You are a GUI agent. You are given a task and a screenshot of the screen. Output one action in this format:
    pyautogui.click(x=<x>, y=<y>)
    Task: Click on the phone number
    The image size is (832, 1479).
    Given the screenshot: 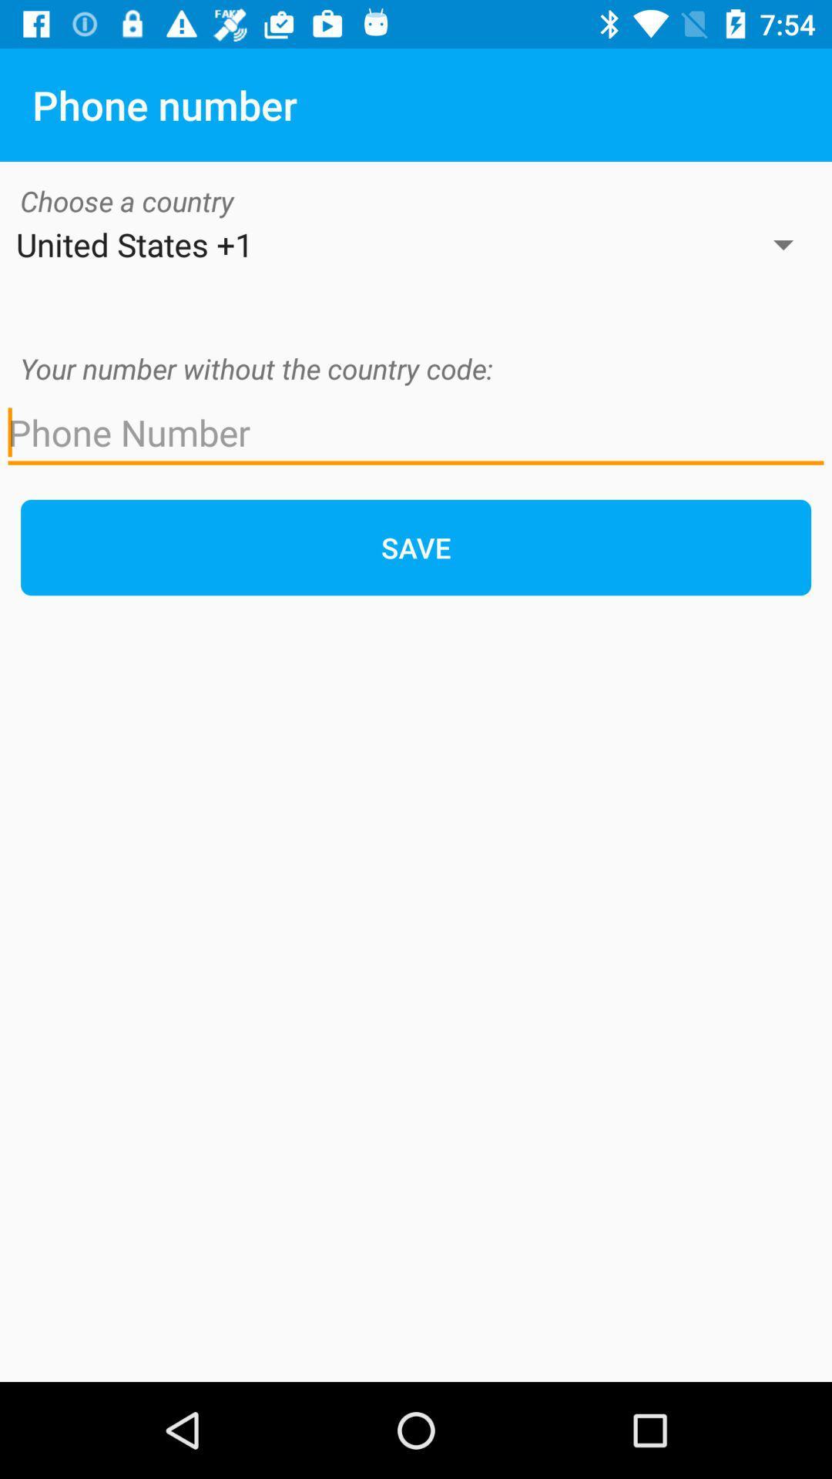 What is the action you would take?
    pyautogui.click(x=416, y=432)
    